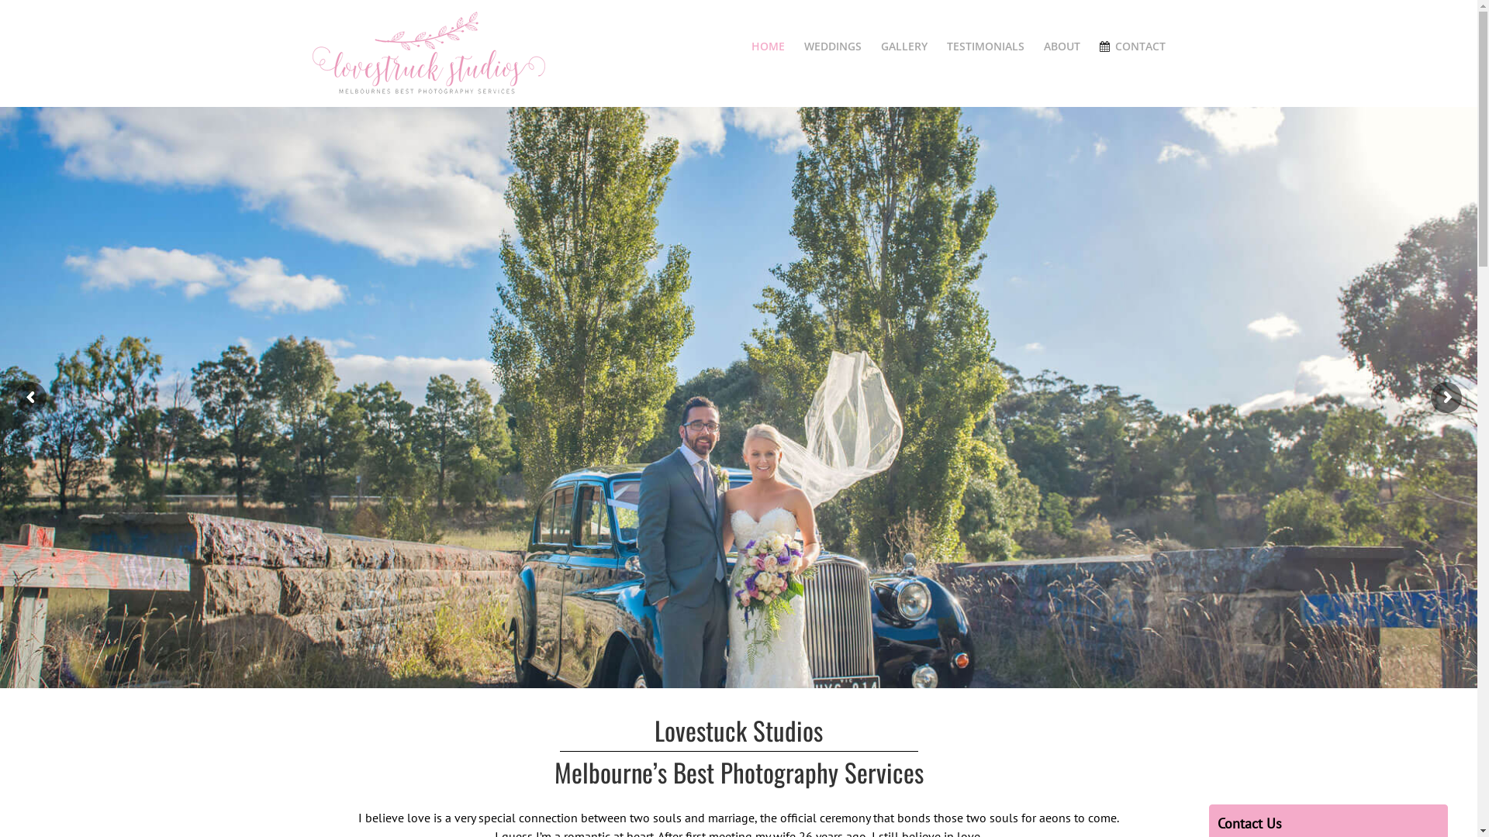 The height and width of the screenshot is (837, 1489). Describe the element at coordinates (1098, 46) in the screenshot. I see `'CONTACT'` at that location.